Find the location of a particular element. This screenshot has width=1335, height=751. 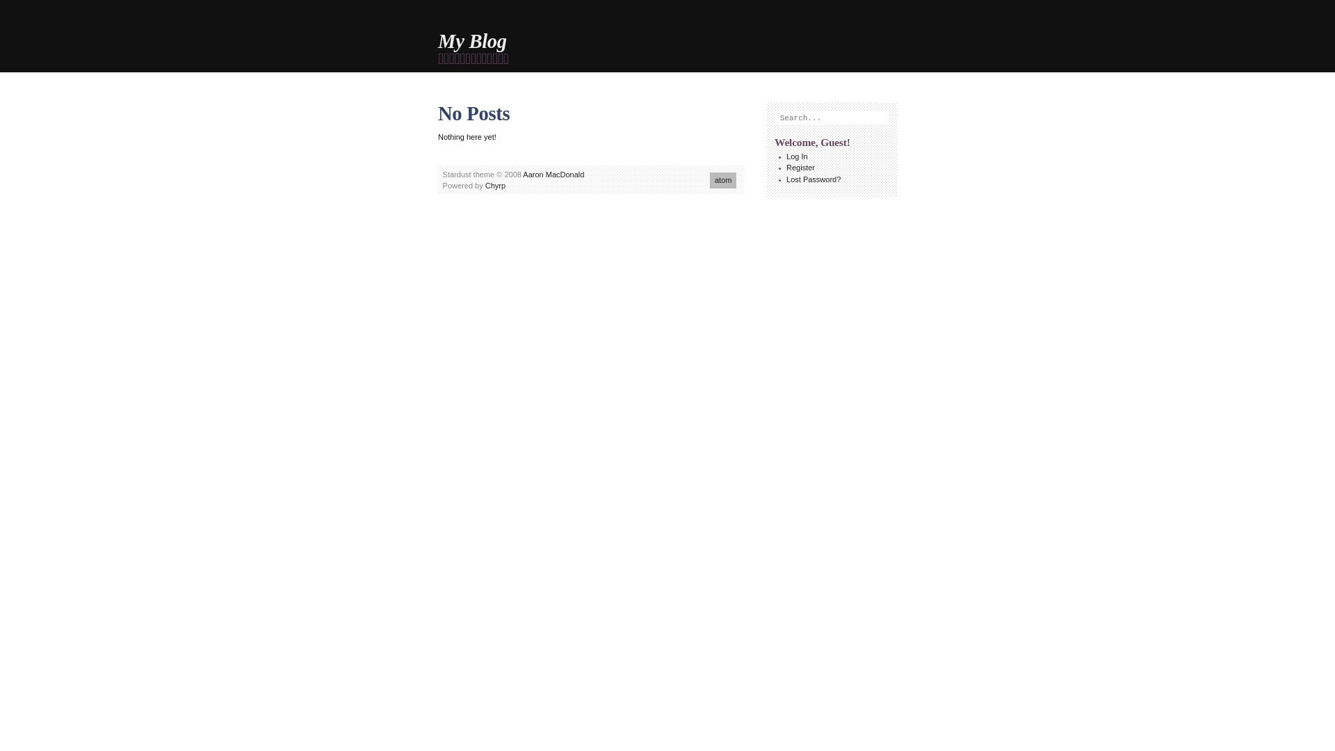

'atom' is located at coordinates (723, 179).